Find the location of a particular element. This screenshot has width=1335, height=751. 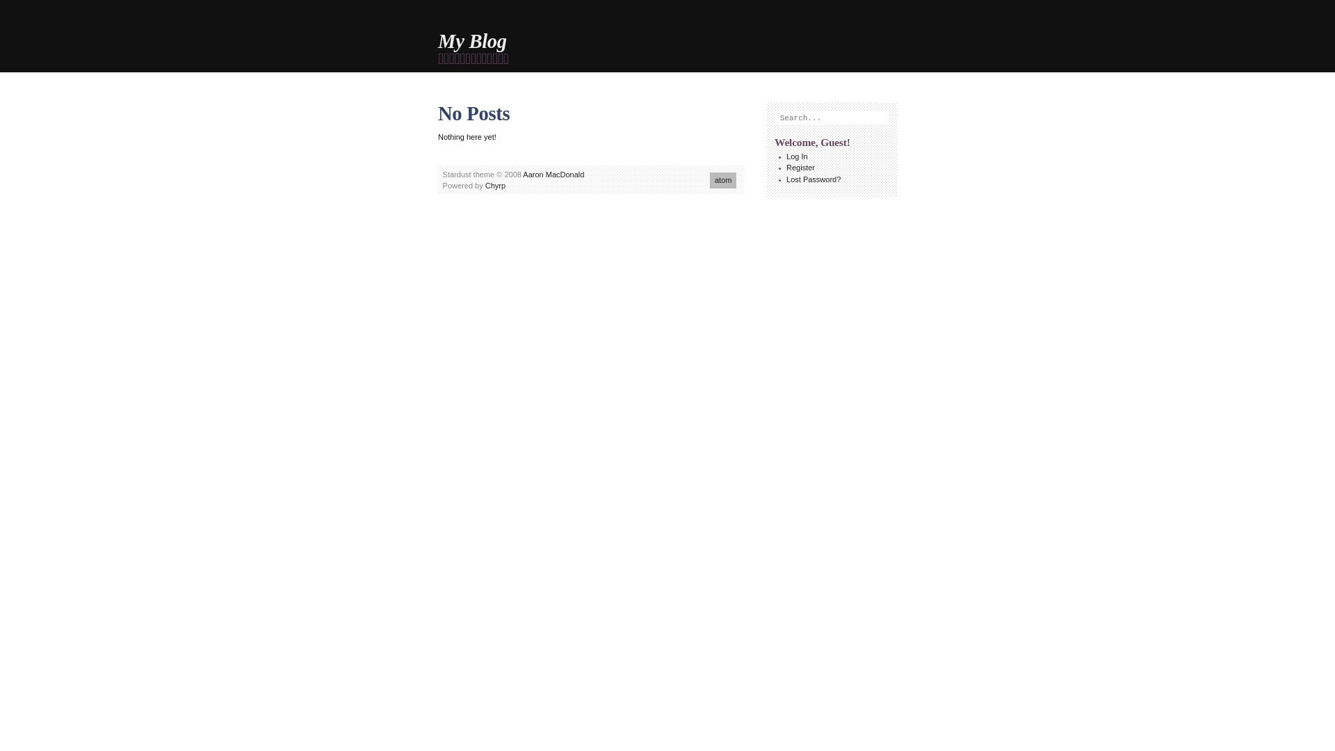

'atom' is located at coordinates (723, 179).